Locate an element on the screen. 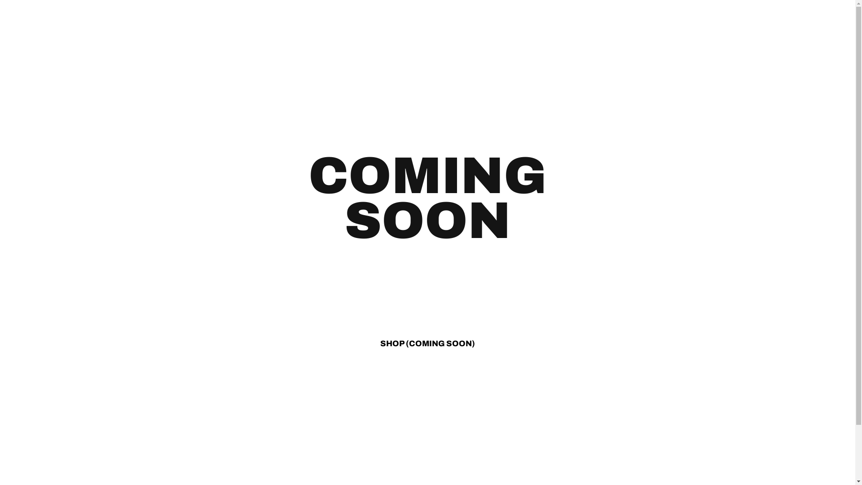  'SHOP (COMING SOON)' is located at coordinates (427, 343).